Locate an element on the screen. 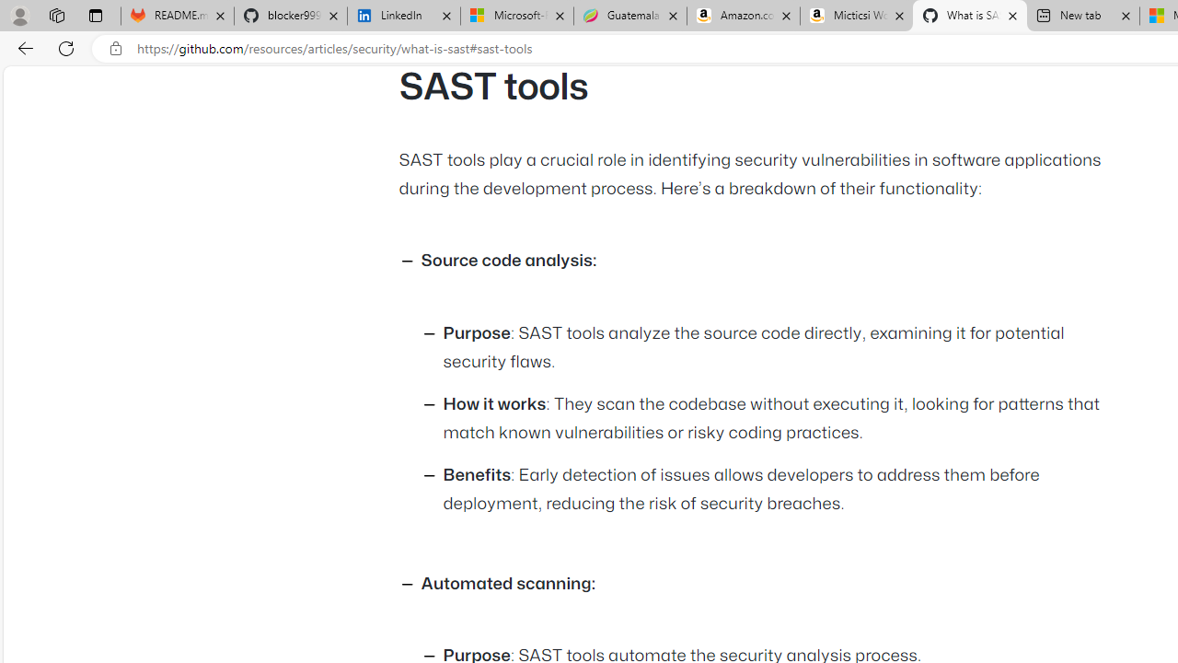 This screenshot has height=663, width=1178. 'LinkedIn' is located at coordinates (403, 16).